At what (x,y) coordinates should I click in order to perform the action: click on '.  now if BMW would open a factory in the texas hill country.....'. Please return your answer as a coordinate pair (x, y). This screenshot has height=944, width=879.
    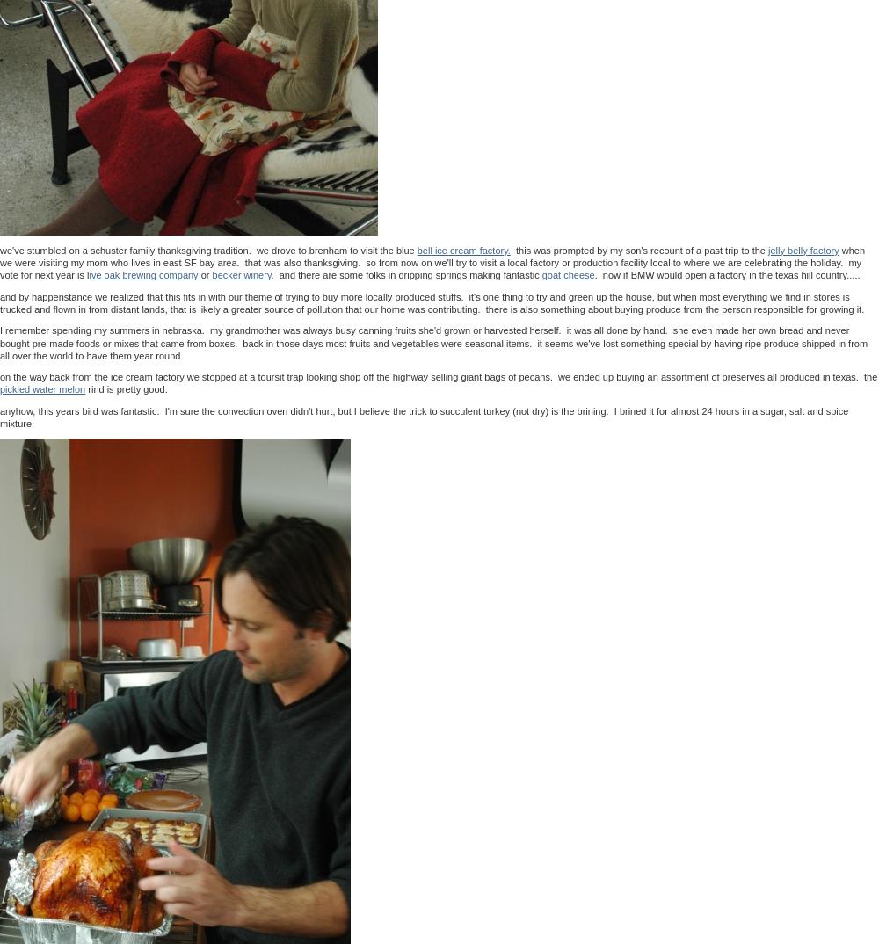
    Looking at the image, I should click on (726, 274).